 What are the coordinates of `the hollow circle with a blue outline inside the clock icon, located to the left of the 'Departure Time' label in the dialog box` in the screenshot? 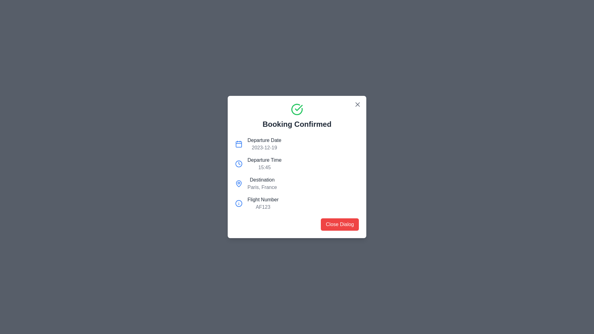 It's located at (239, 163).